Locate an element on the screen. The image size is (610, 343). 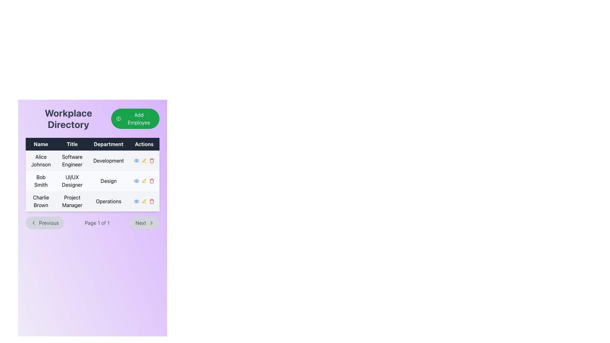
the right-facing chevron-shaped icon located within the light gray circular button labeled 'Next' at the bottom right of the interface is located at coordinates (151, 223).